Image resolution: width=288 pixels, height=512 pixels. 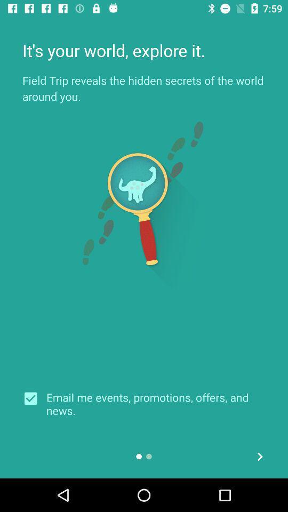 I want to click on the email me events, so click(x=155, y=403).